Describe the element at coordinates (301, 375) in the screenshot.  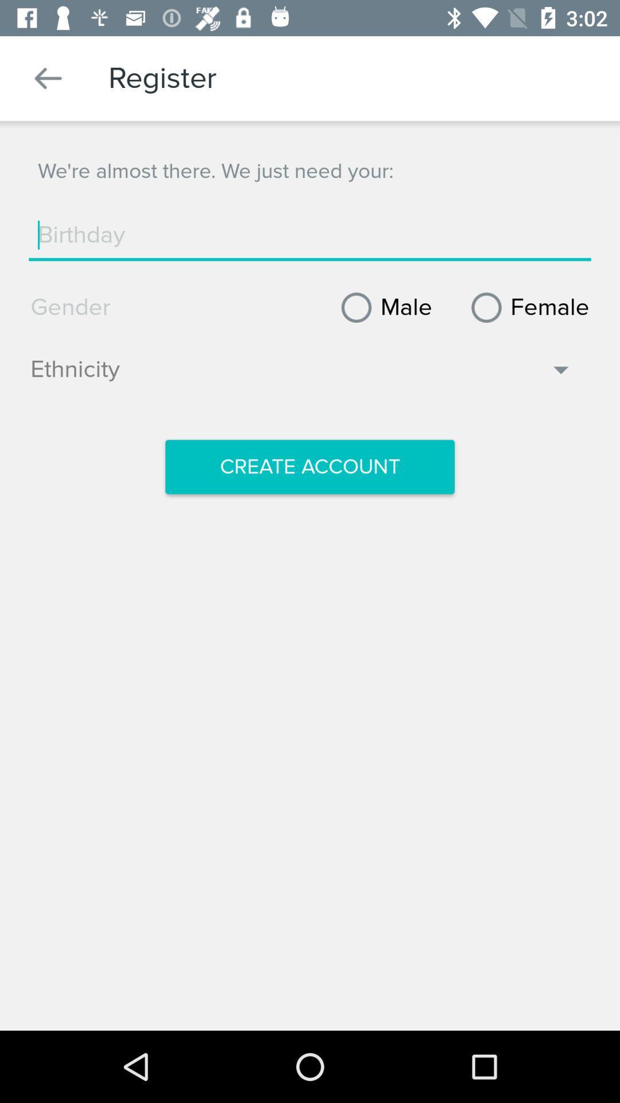
I see `ethnicity option` at that location.